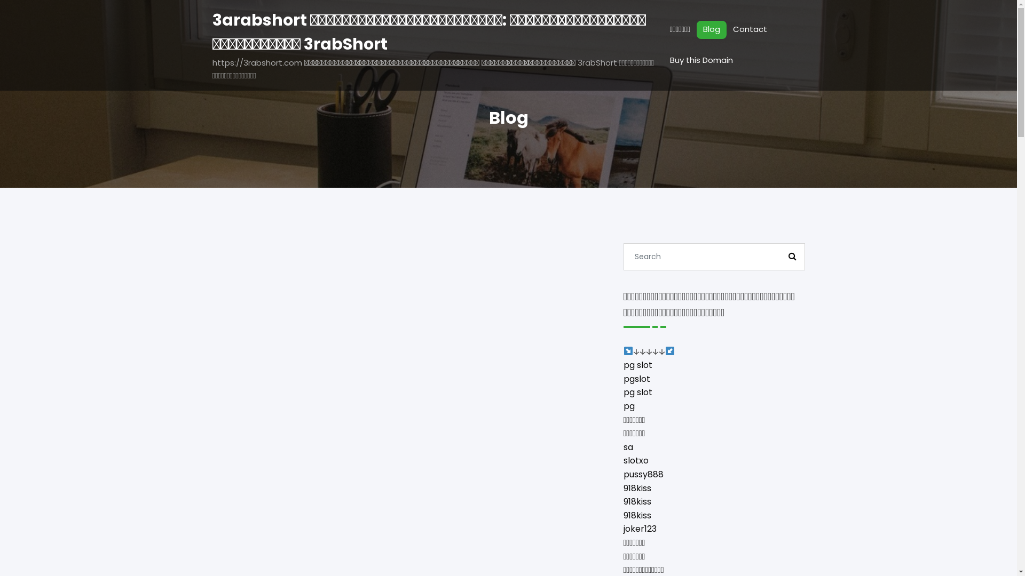 The width and height of the screenshot is (1025, 576). What do you see at coordinates (628, 447) in the screenshot?
I see `'sa'` at bounding box center [628, 447].